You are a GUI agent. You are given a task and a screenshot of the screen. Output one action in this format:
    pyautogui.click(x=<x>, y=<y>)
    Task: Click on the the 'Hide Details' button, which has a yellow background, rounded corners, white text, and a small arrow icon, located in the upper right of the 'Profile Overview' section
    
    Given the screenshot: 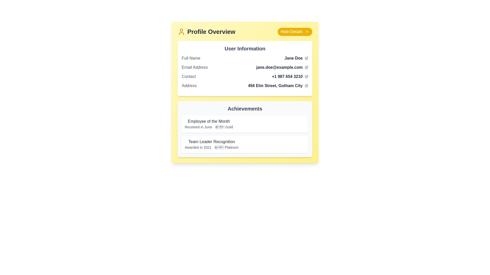 What is the action you would take?
    pyautogui.click(x=295, y=32)
    